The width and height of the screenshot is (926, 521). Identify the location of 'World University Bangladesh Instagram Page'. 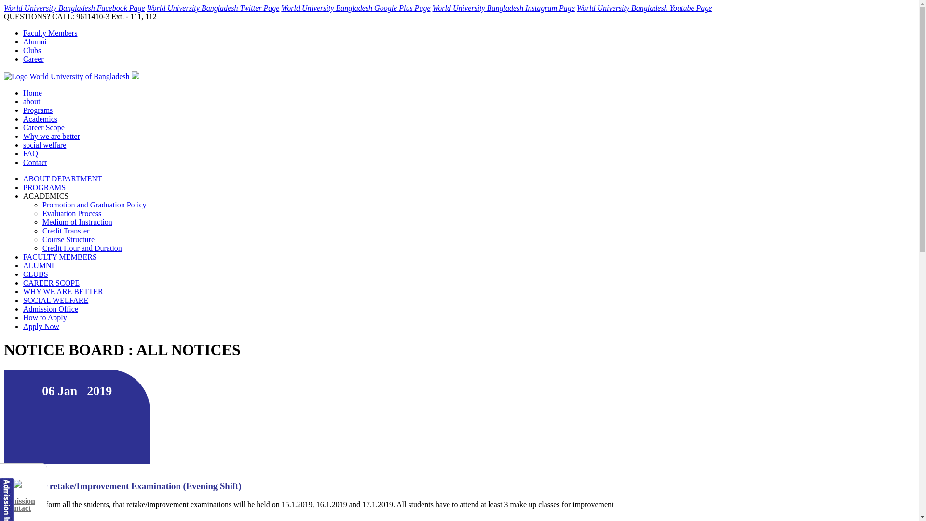
(503, 8).